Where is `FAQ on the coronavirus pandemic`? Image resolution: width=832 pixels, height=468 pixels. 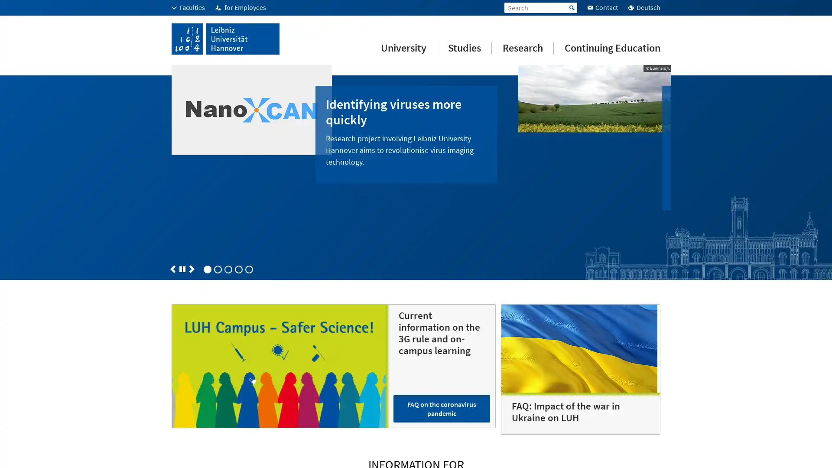 FAQ on the coronavirus pandemic is located at coordinates (441, 354).